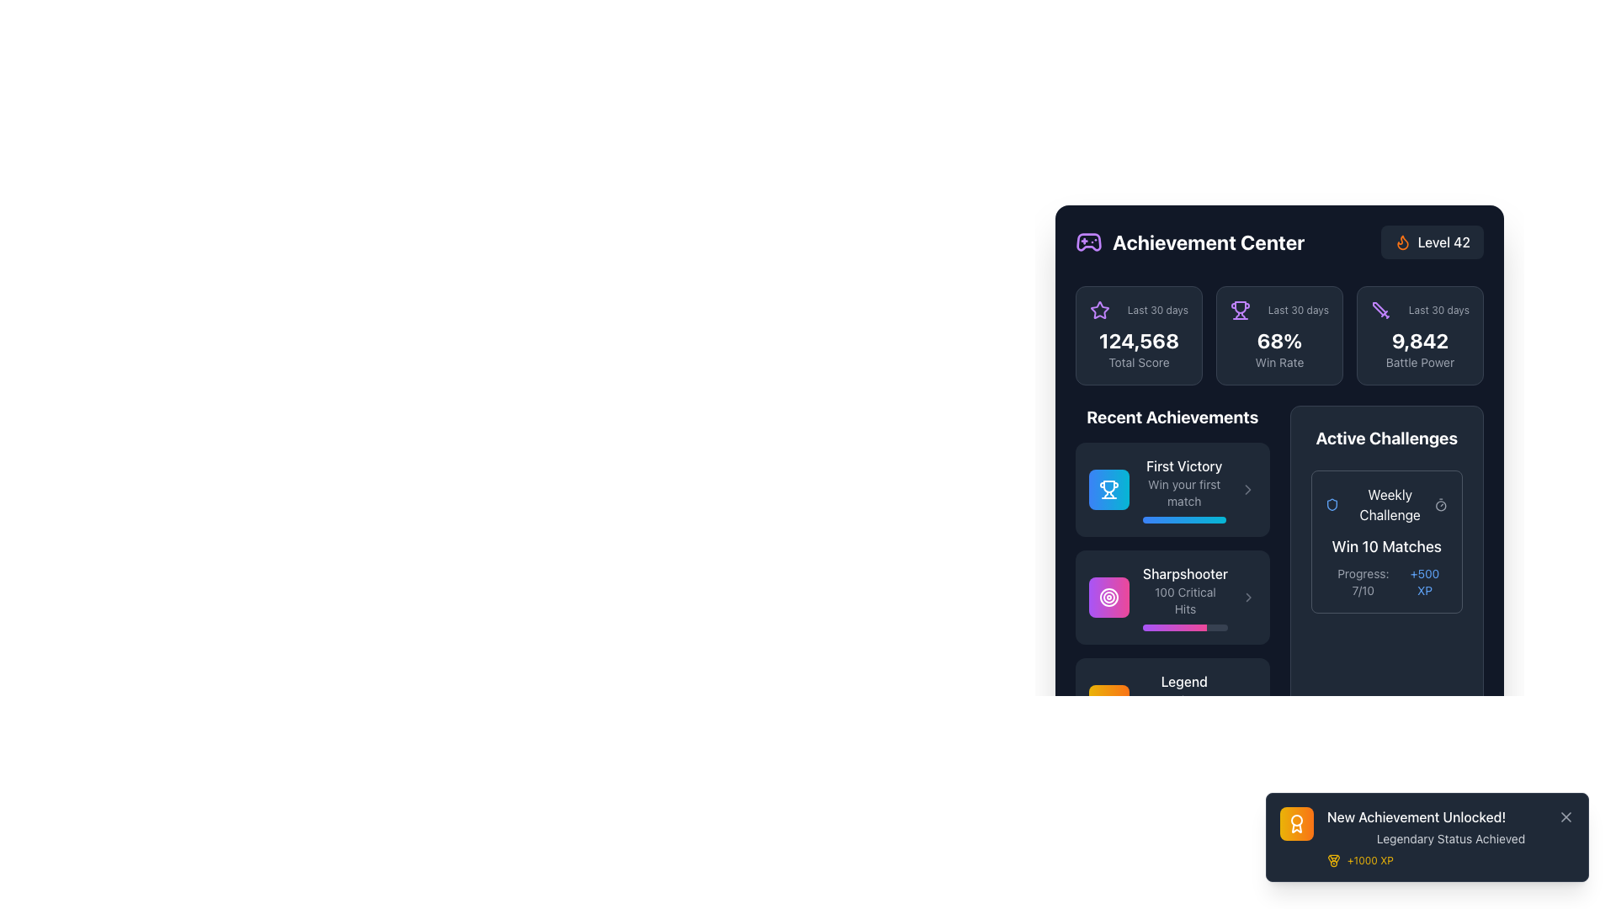 This screenshot has width=1616, height=909. I want to click on the middle Statistical Display Card that shows the win rate percentage within the last 30 days, located in the Achievement Center section, so click(1279, 335).